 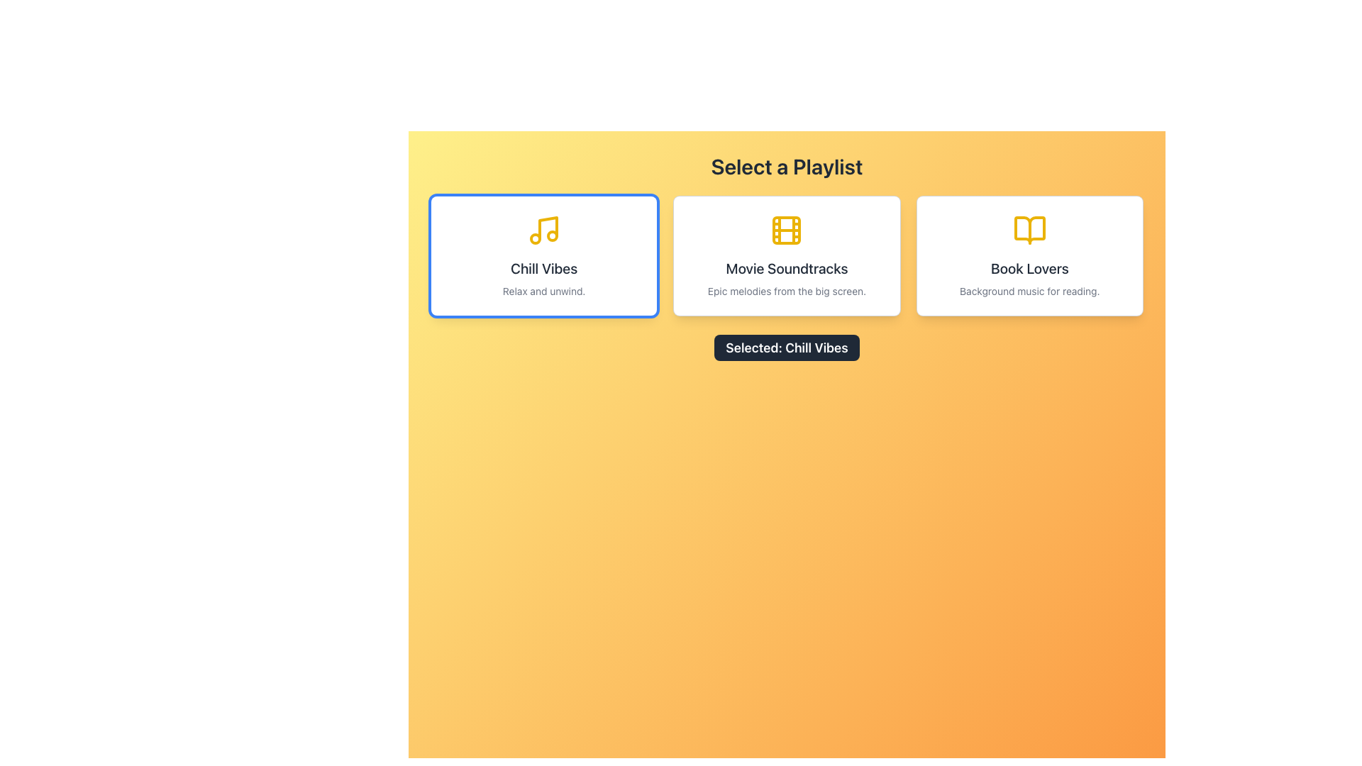 What do you see at coordinates (786, 348) in the screenshot?
I see `the Text Display element that indicates the currently selected playlist, positioned below the playlist selection area` at bounding box center [786, 348].